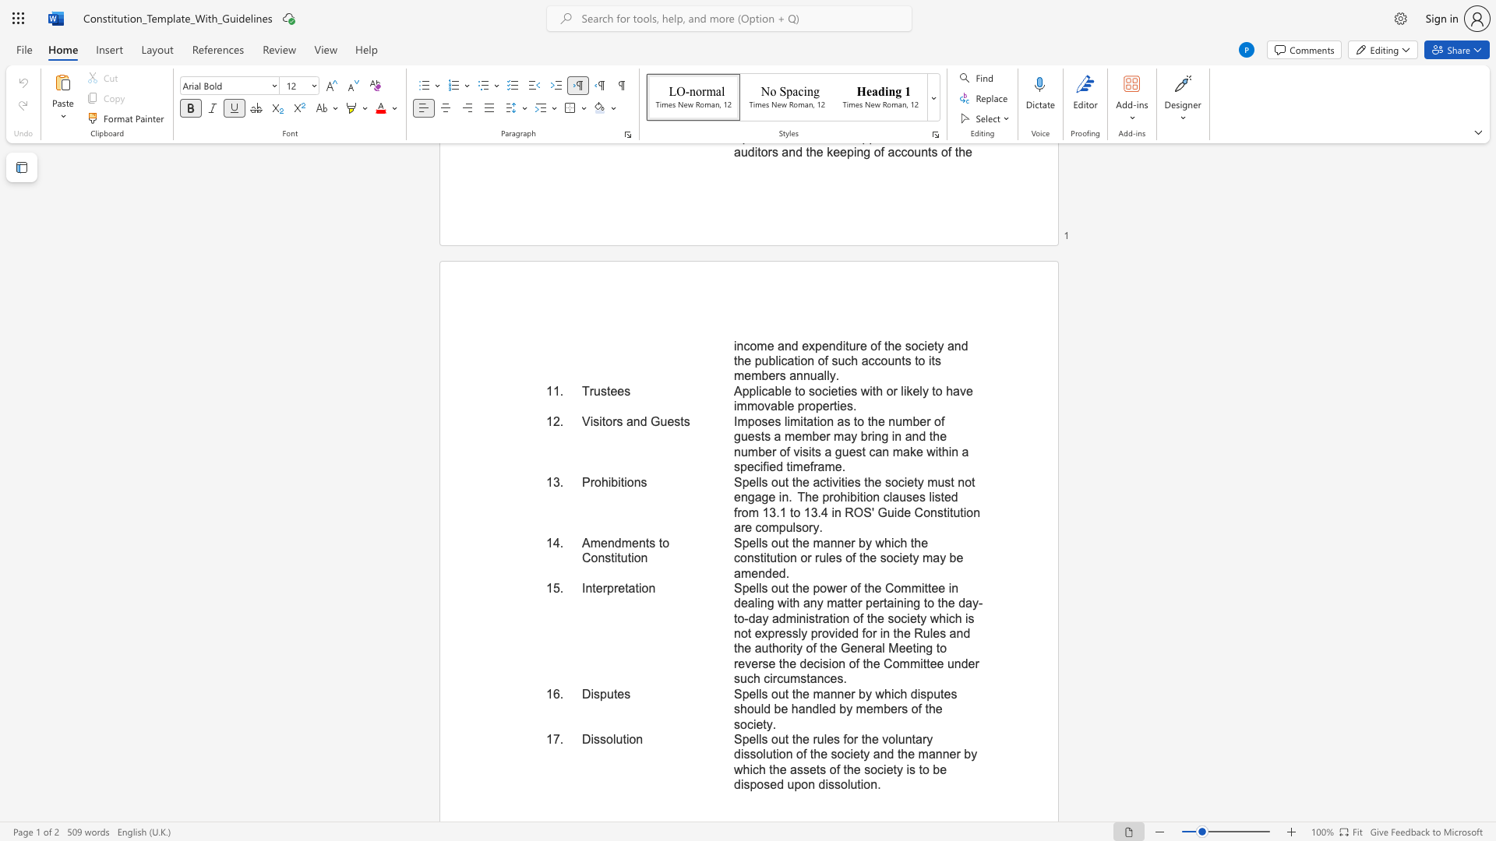  I want to click on the subset text "Amendments to" within the text "Amendments to Constitution", so click(581, 542).